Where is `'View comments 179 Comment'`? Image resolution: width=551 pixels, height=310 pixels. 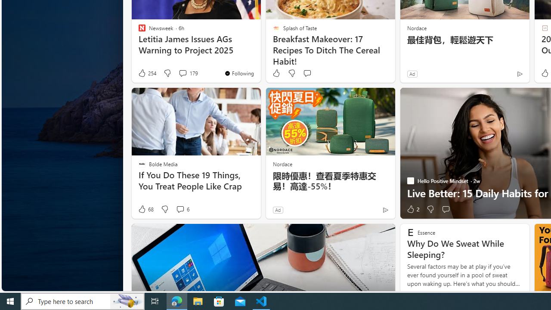
'View comments 179 Comment' is located at coordinates (188, 73).